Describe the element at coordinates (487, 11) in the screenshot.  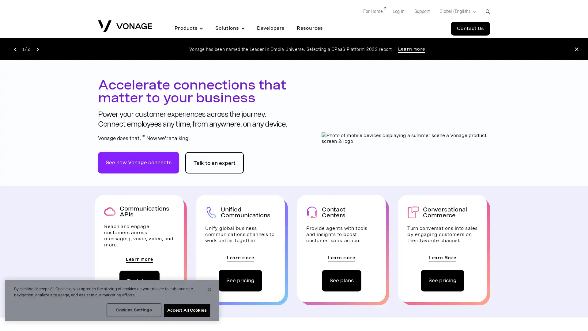
I see `open site search box` at that location.